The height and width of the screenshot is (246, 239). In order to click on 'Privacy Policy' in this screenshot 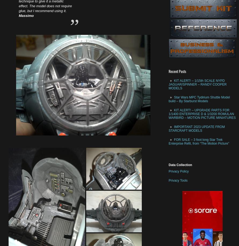, I will do `click(179, 171)`.